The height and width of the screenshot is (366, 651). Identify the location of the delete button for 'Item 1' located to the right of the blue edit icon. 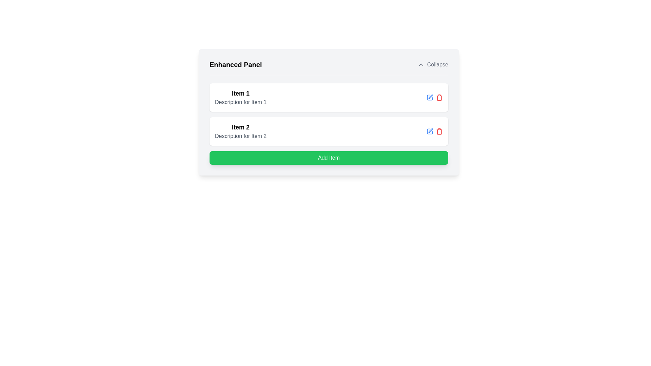
(439, 98).